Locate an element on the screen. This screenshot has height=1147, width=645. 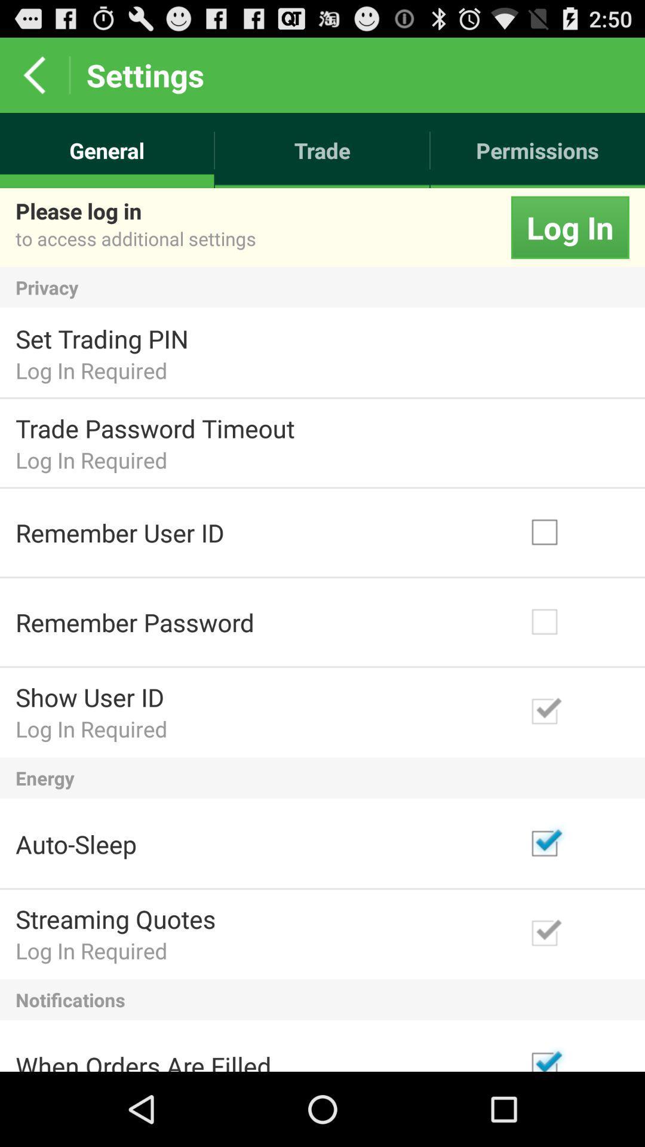
the icon below log in required icon is located at coordinates (322, 999).